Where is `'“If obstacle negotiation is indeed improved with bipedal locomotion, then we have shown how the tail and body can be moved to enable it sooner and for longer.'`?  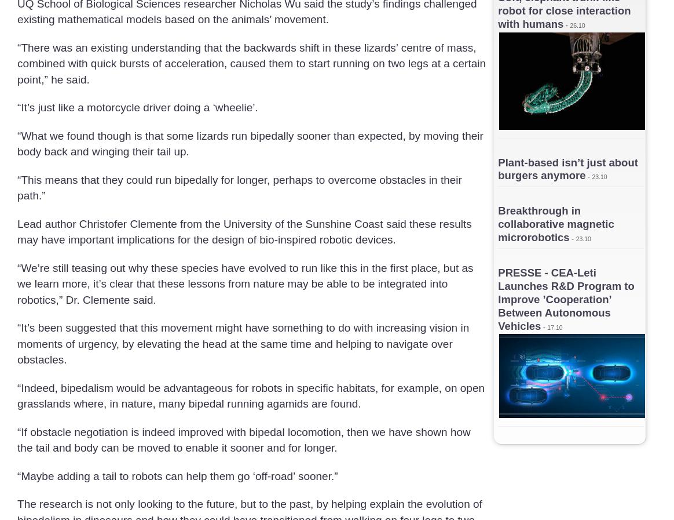
'“If obstacle negotiation is indeed improved with bipedal locomotion, then we have shown how the tail and body can be moved to enable it sooner and for longer.' is located at coordinates (17, 439).